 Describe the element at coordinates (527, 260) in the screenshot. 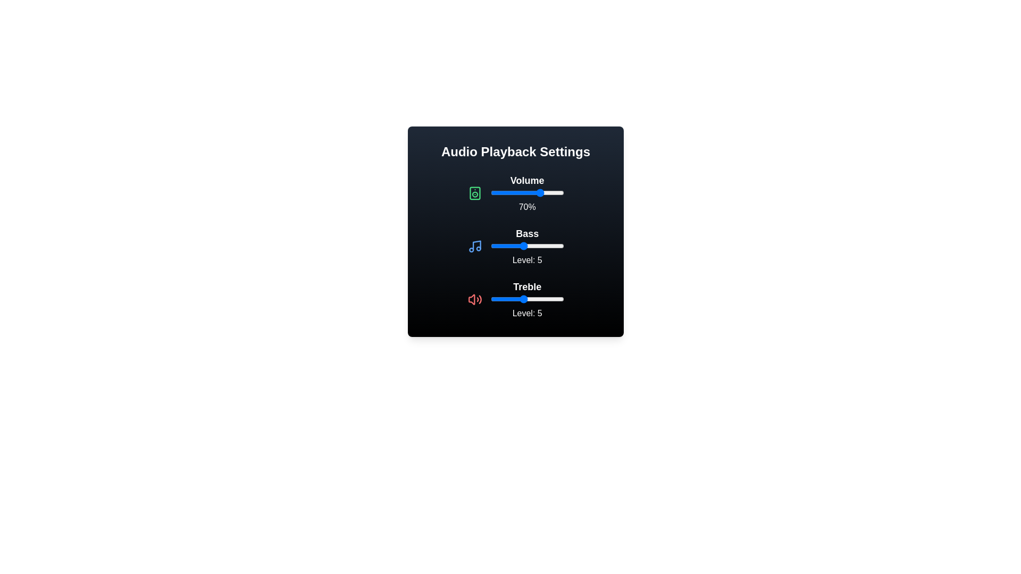

I see `'Level: 5' text label indicating the current bass setting, which is located directly below the bass slider` at that location.